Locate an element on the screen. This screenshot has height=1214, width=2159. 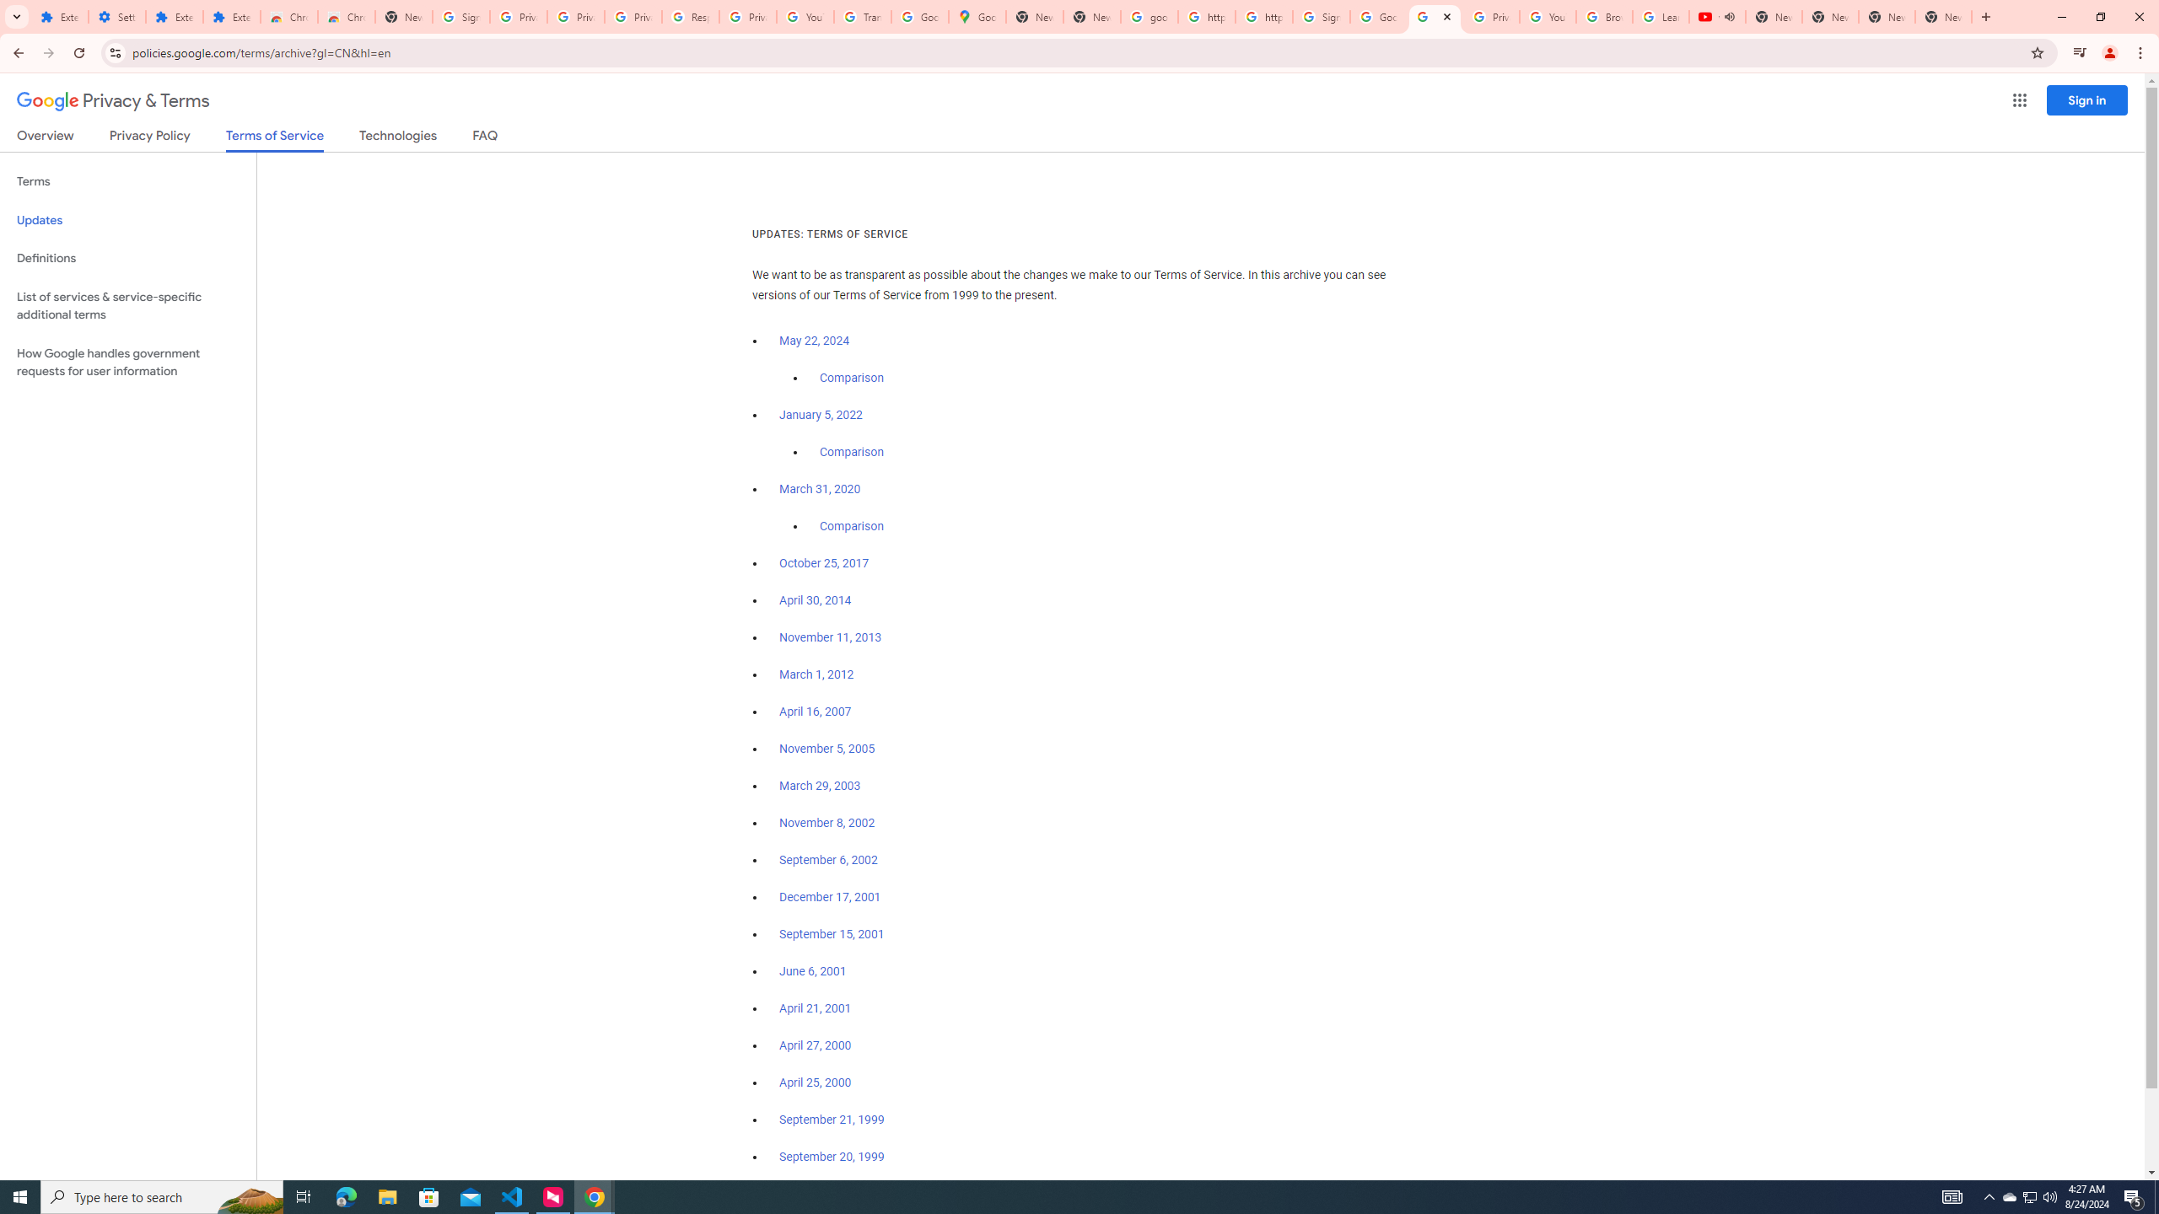
'https://scholar.google.com/' is located at coordinates (1206, 16).